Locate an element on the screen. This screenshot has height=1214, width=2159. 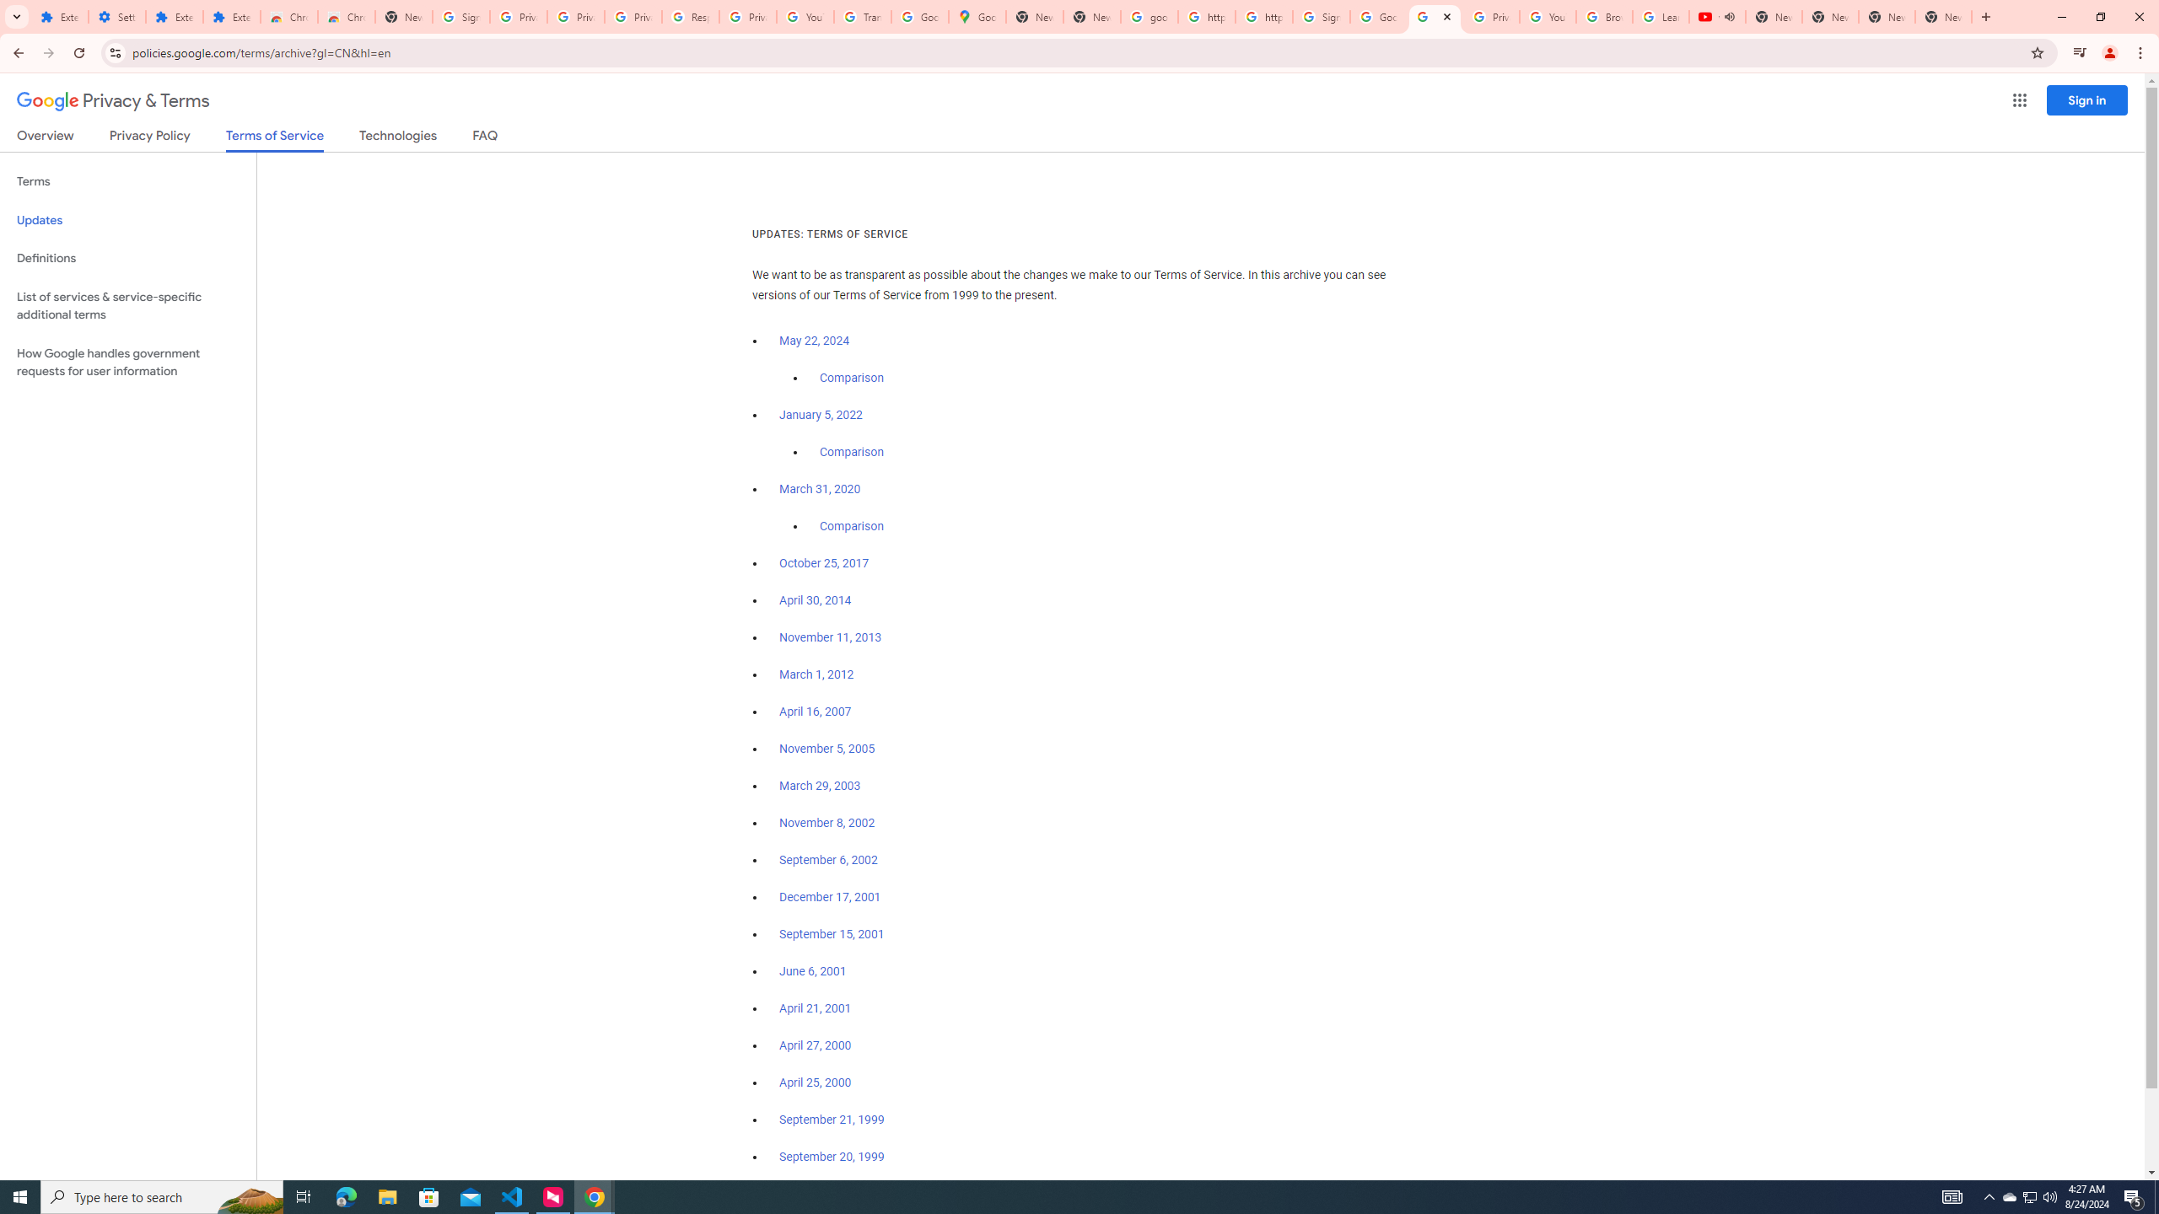
'https://scholar.google.com/' is located at coordinates (1206, 16).